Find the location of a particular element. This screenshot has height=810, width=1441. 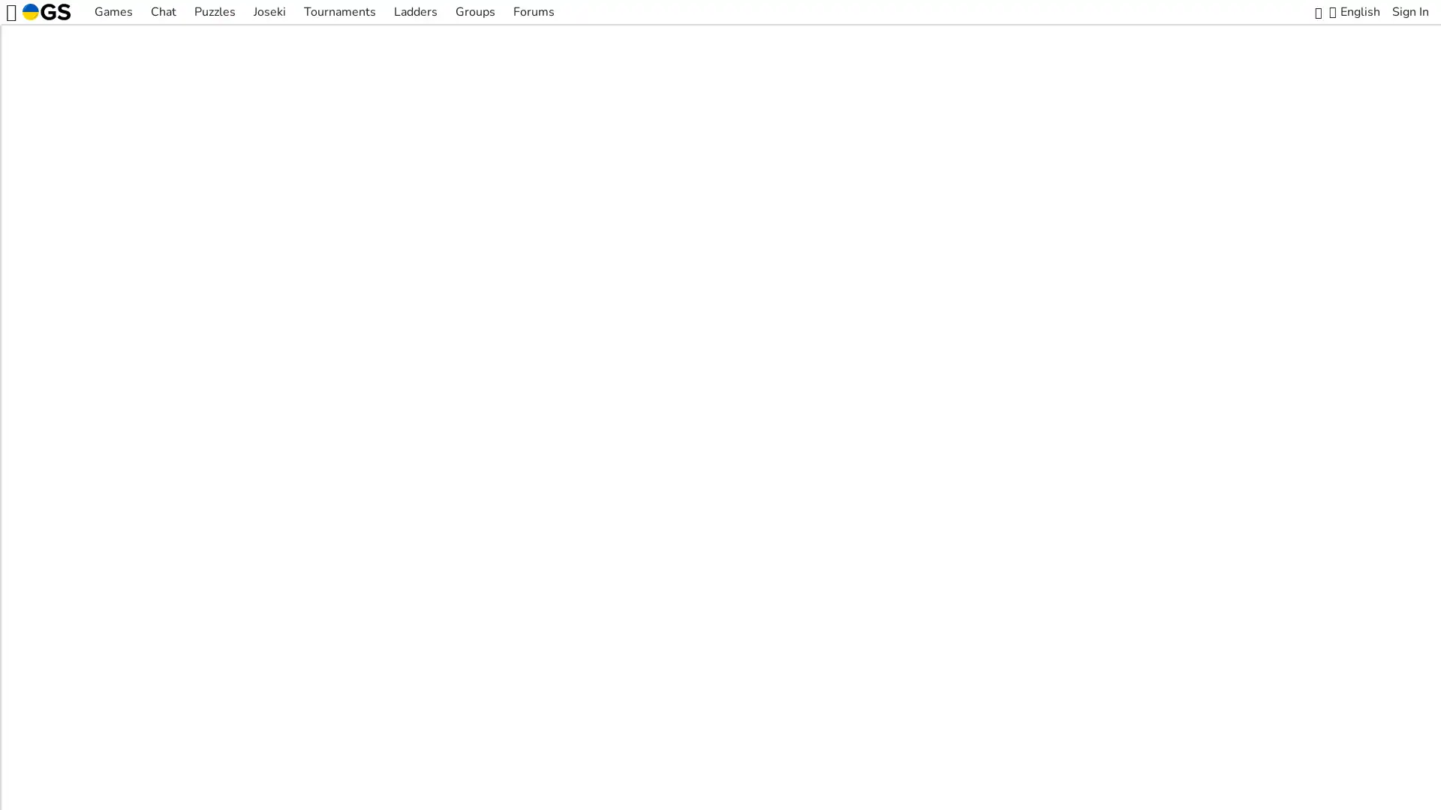

13x13 is located at coordinates (672, 592).